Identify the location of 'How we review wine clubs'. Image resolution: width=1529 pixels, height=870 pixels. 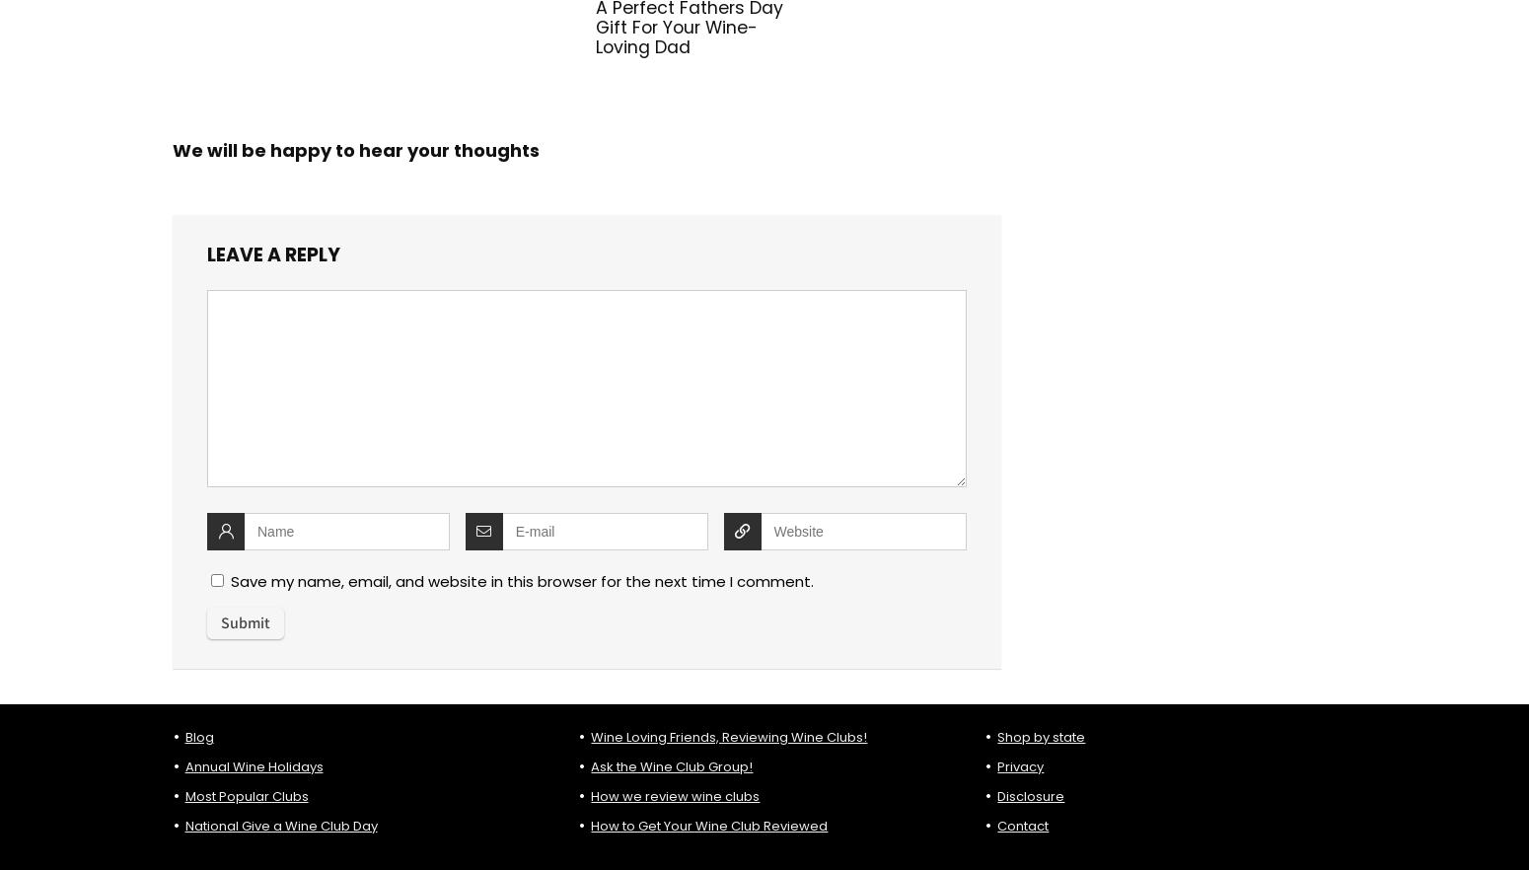
(591, 794).